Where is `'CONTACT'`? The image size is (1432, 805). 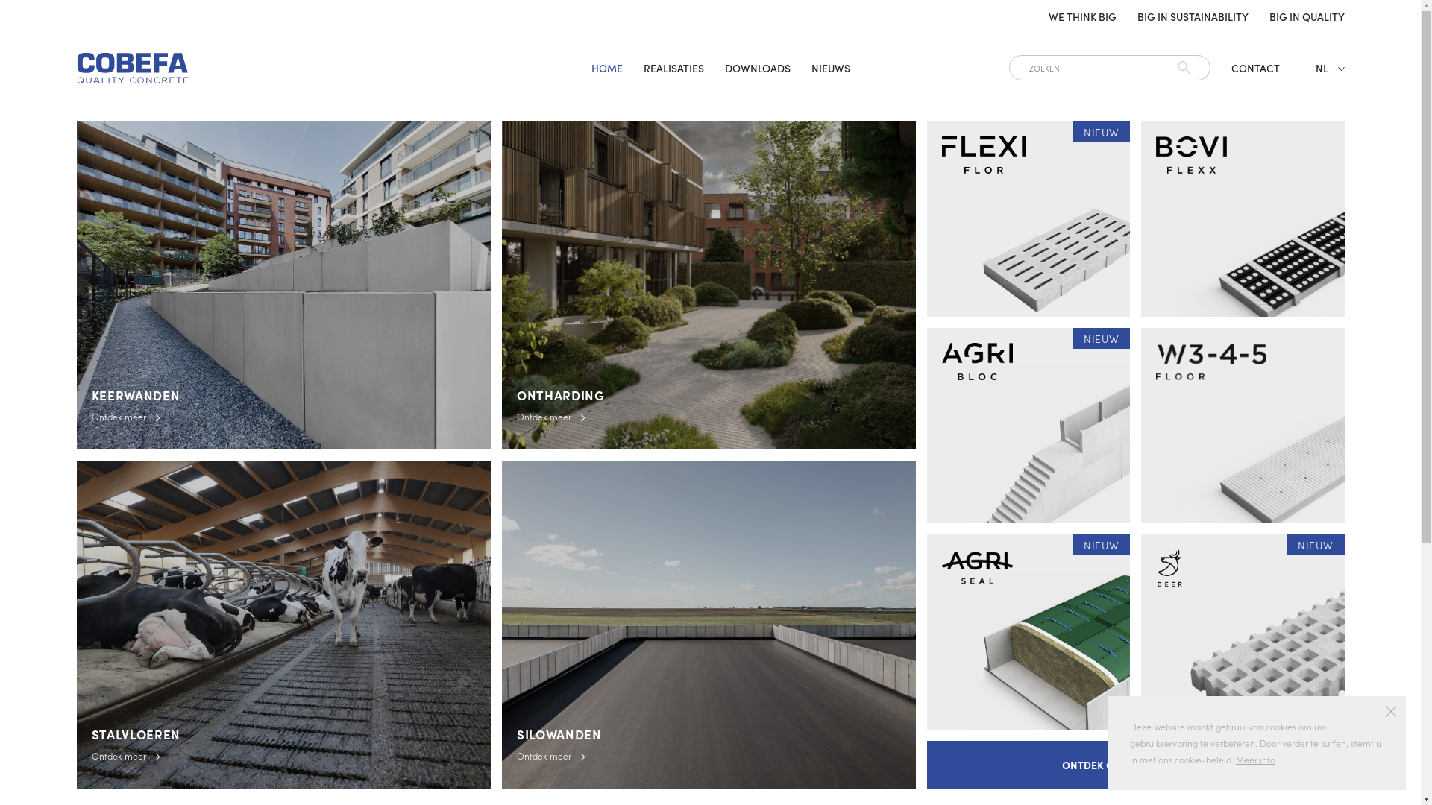
'CONTACT' is located at coordinates (1254, 68).